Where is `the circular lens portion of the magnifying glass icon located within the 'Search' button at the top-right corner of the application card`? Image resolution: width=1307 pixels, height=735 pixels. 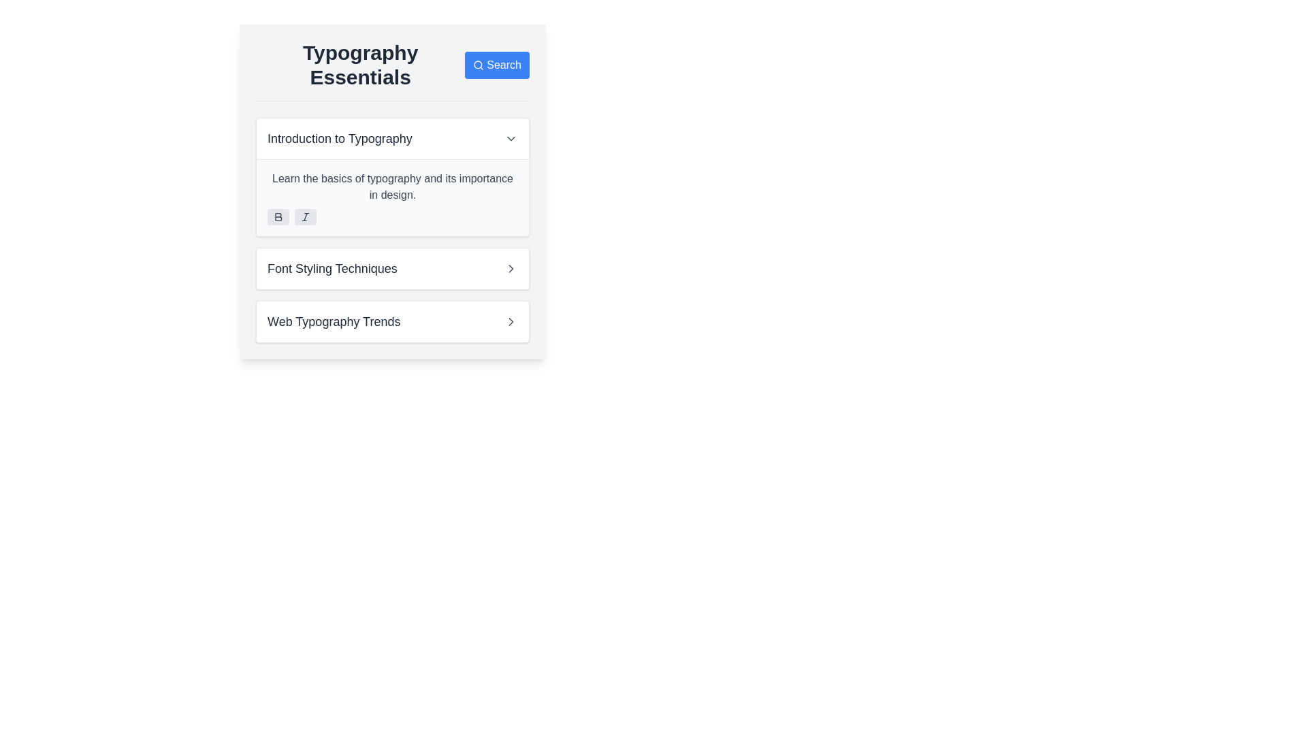
the circular lens portion of the magnifying glass icon located within the 'Search' button at the top-right corner of the application card is located at coordinates (478, 65).